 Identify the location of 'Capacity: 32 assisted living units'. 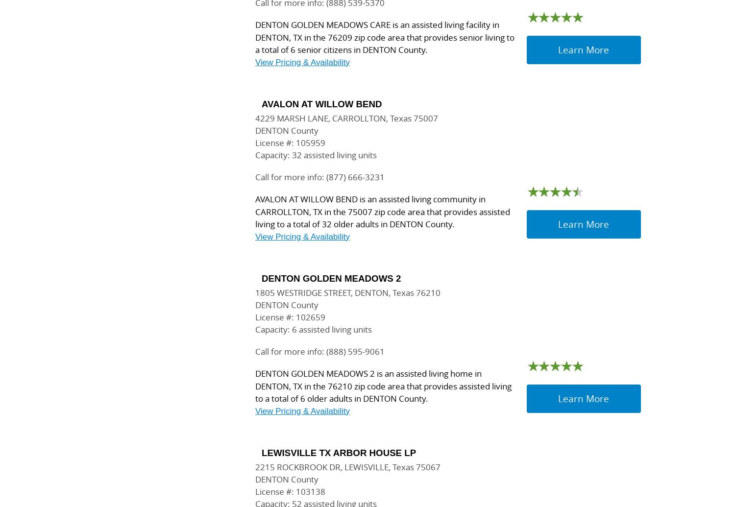
(316, 155).